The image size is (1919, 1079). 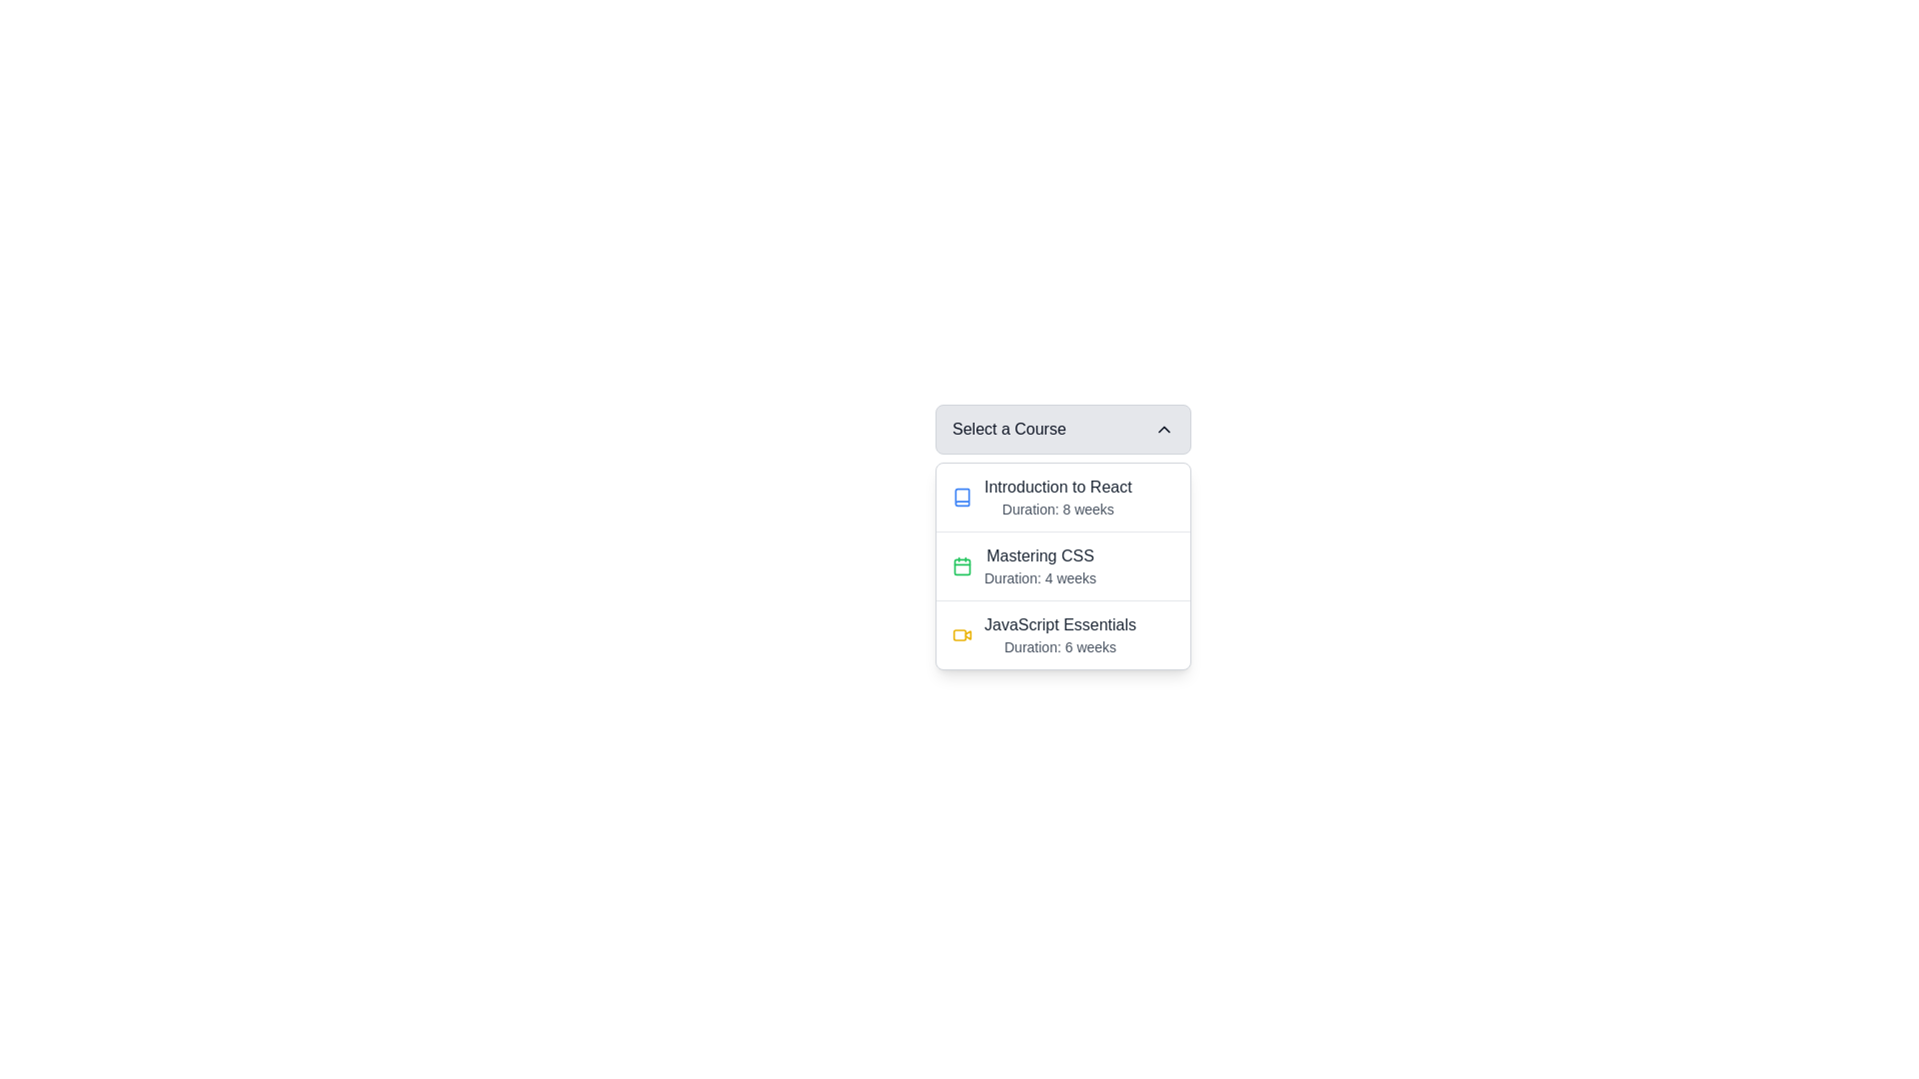 What do you see at coordinates (1058, 635) in the screenshot?
I see `the Label displaying 'JavaScript Essentials'` at bounding box center [1058, 635].